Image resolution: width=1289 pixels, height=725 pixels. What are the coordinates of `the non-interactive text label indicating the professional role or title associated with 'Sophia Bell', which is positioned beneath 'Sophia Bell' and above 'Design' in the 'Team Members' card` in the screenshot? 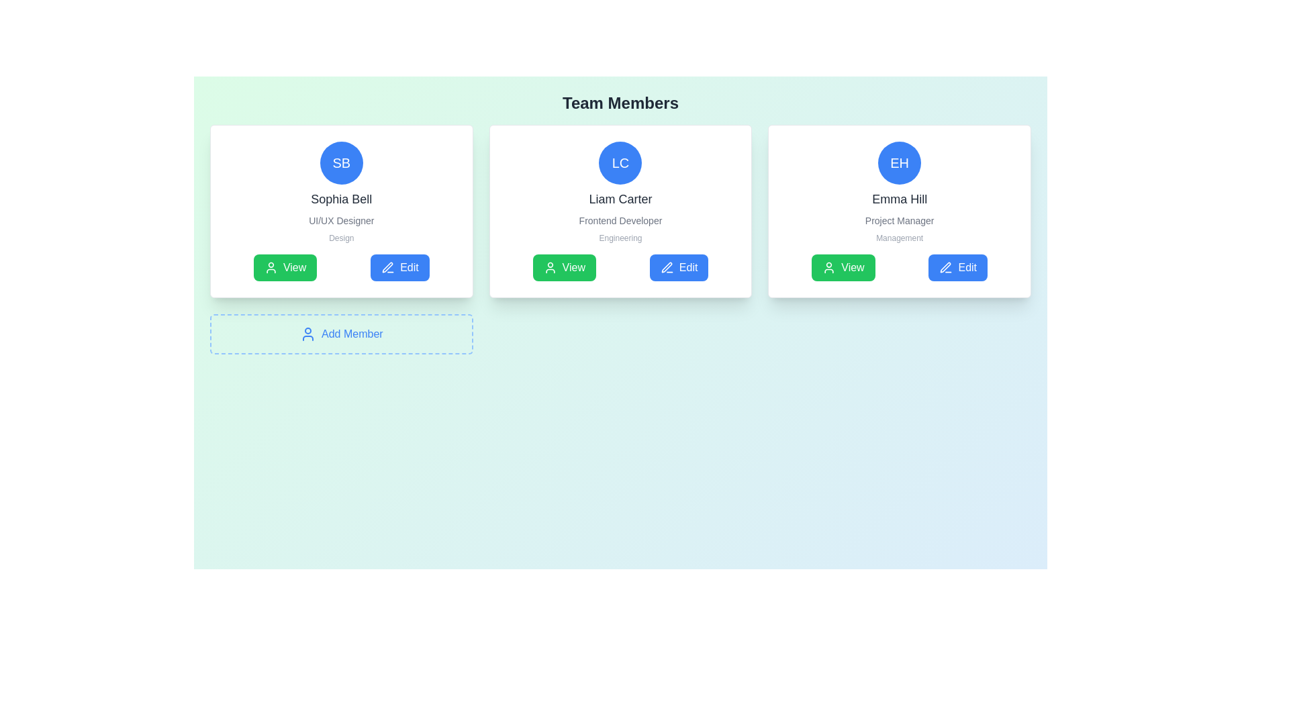 It's located at (341, 220).